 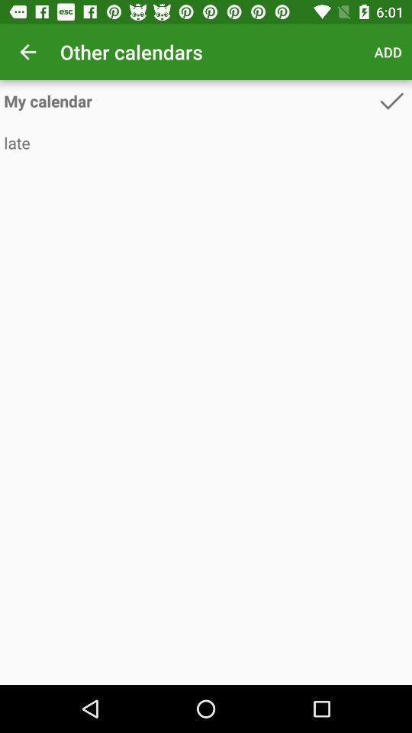 What do you see at coordinates (388, 52) in the screenshot?
I see `add item` at bounding box center [388, 52].